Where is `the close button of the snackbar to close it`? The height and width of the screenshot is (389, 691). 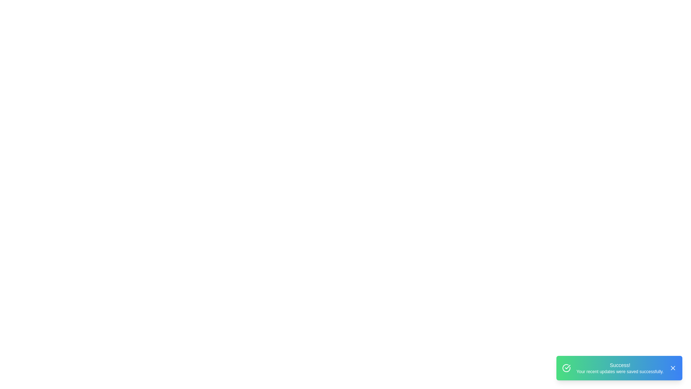 the close button of the snackbar to close it is located at coordinates (673, 368).